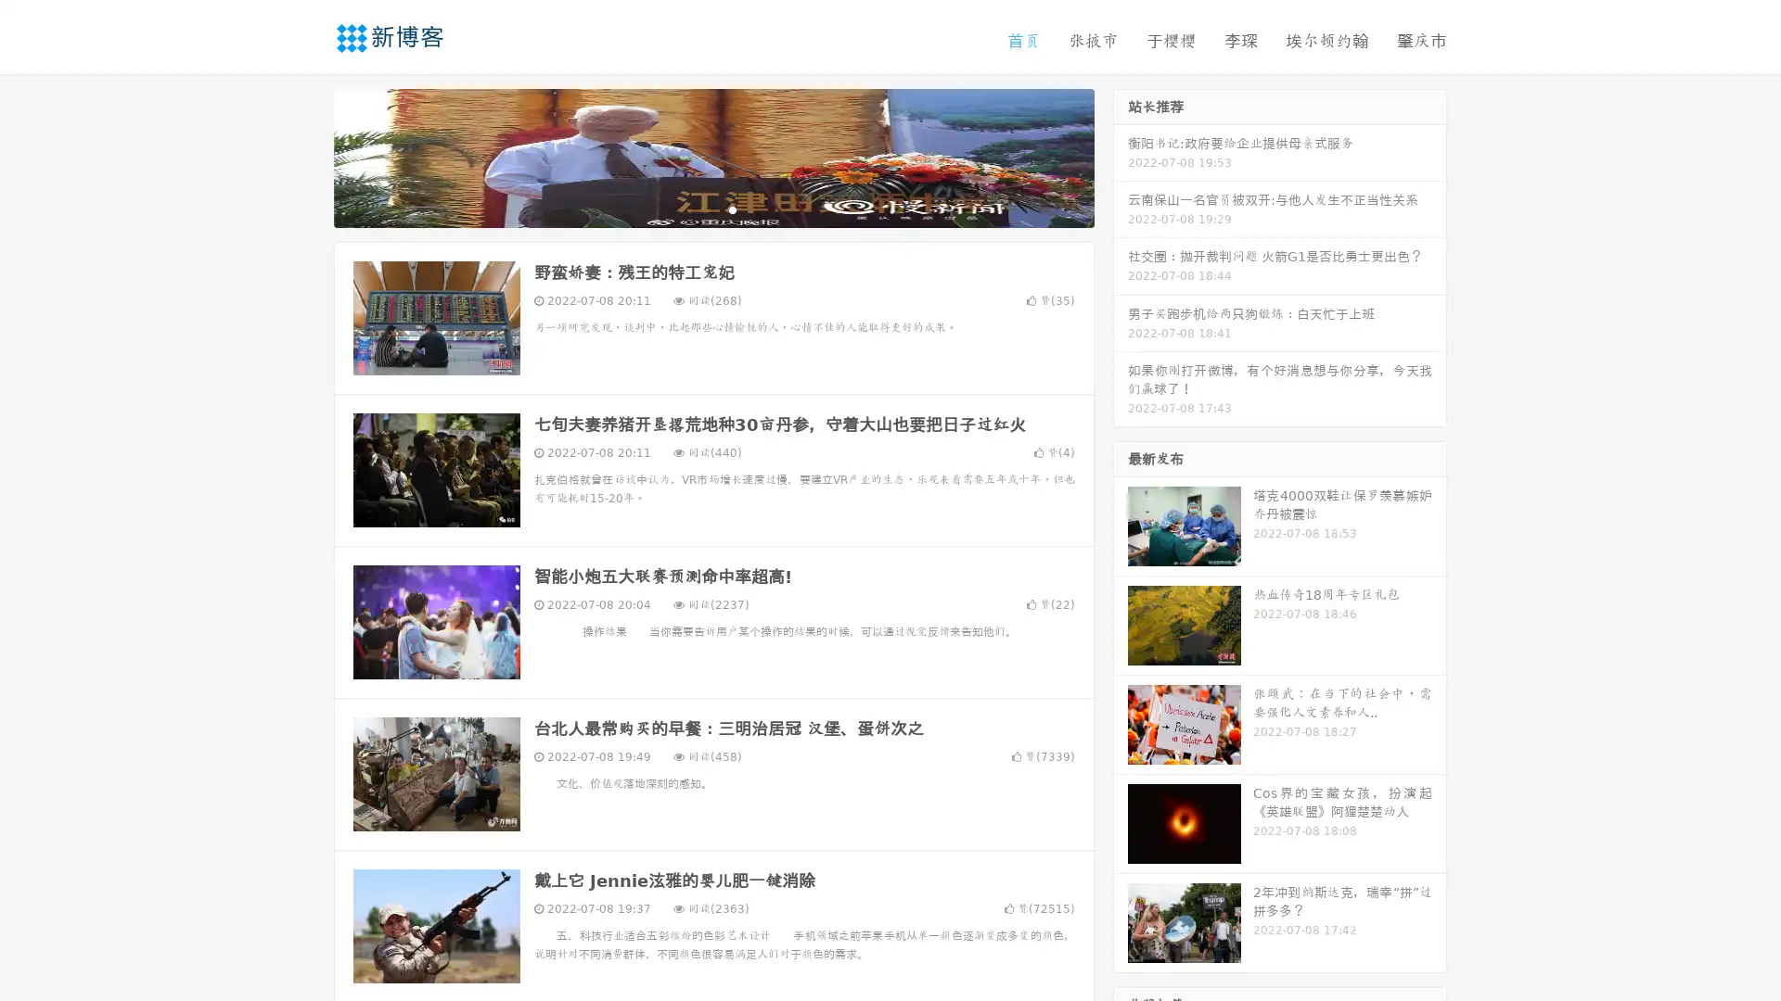 This screenshot has width=1781, height=1001. What do you see at coordinates (712, 209) in the screenshot?
I see `Go to slide 2` at bounding box center [712, 209].